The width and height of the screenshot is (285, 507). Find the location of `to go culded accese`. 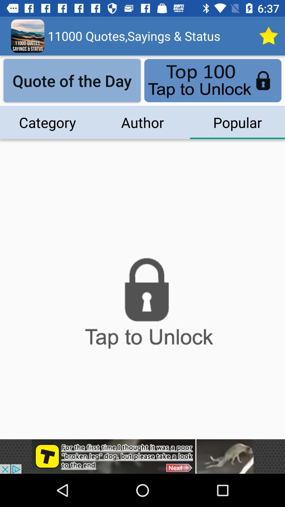

to go culded accese is located at coordinates (142, 306).